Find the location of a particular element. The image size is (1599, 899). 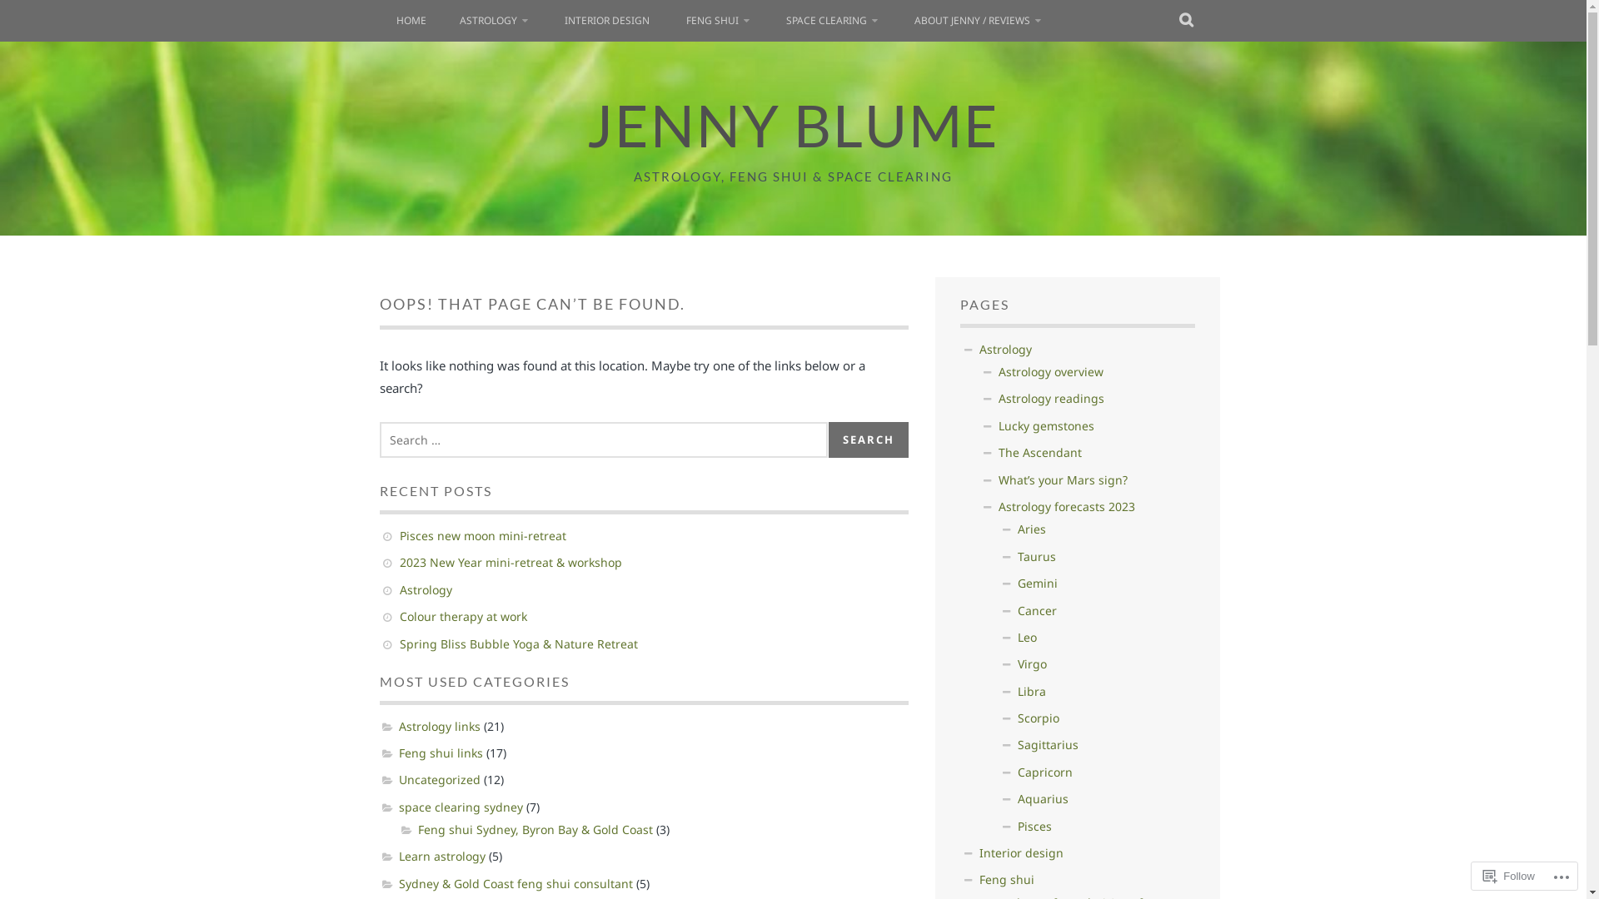

'ASTROLOGY' is located at coordinates (493, 20).